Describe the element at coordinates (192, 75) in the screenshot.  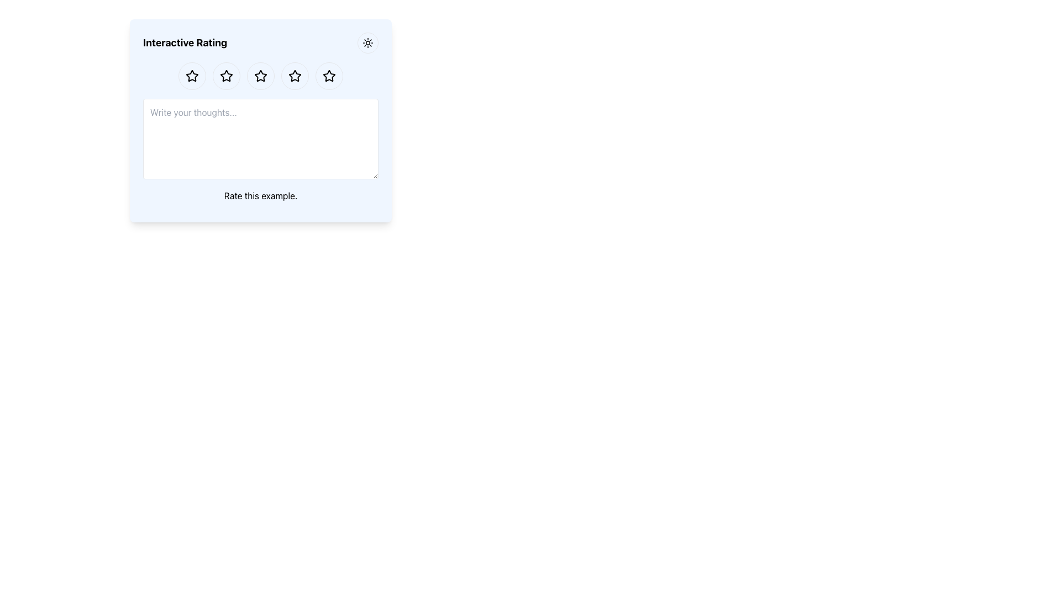
I see `the first star in the rating system, which is a vector graphic in the shape of a star located at the center of the interface in a row of five stars` at that location.